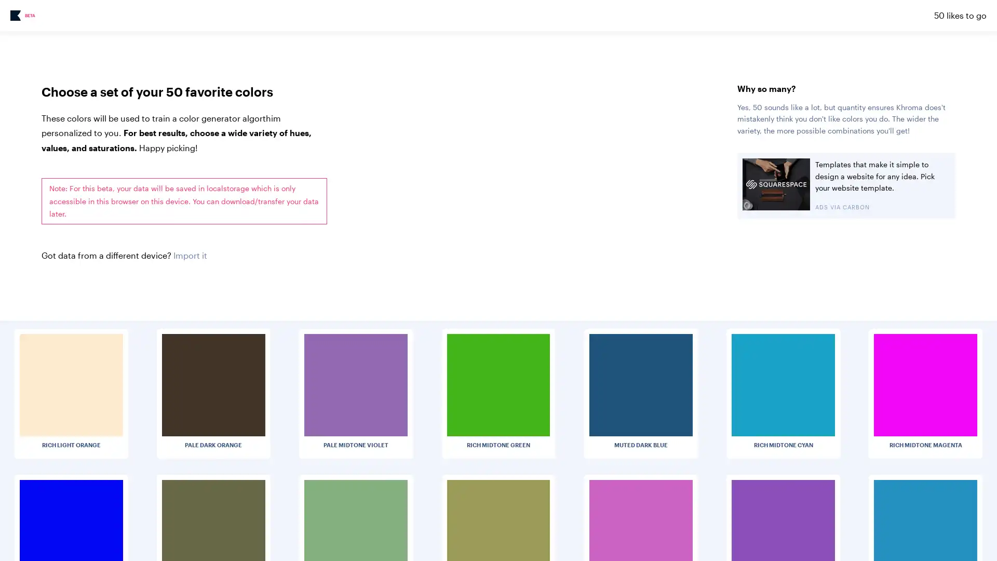 Image resolution: width=997 pixels, height=561 pixels. What do you see at coordinates (199, 256) in the screenshot?
I see `Choose File` at bounding box center [199, 256].